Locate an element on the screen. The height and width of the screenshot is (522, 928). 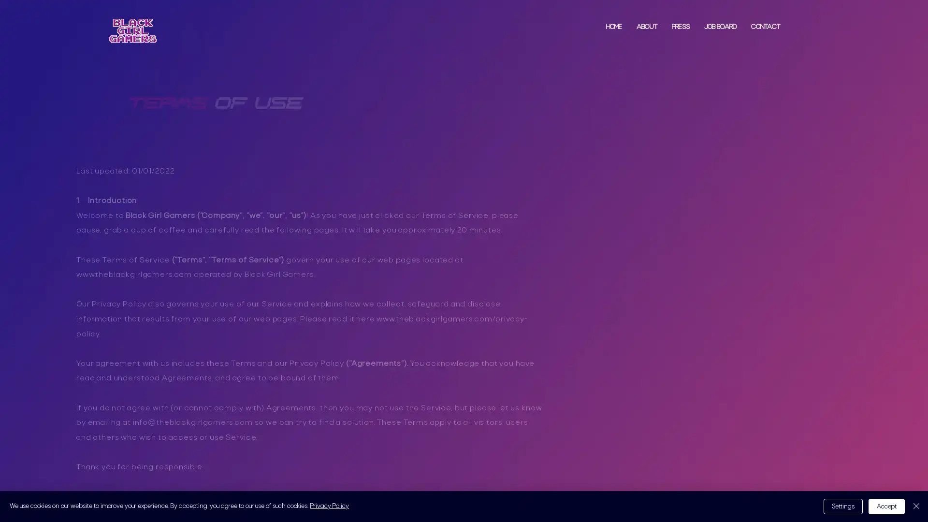
Settings is located at coordinates (842, 506).